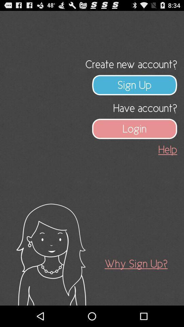 The image size is (184, 327). I want to click on the login item, so click(135, 128).